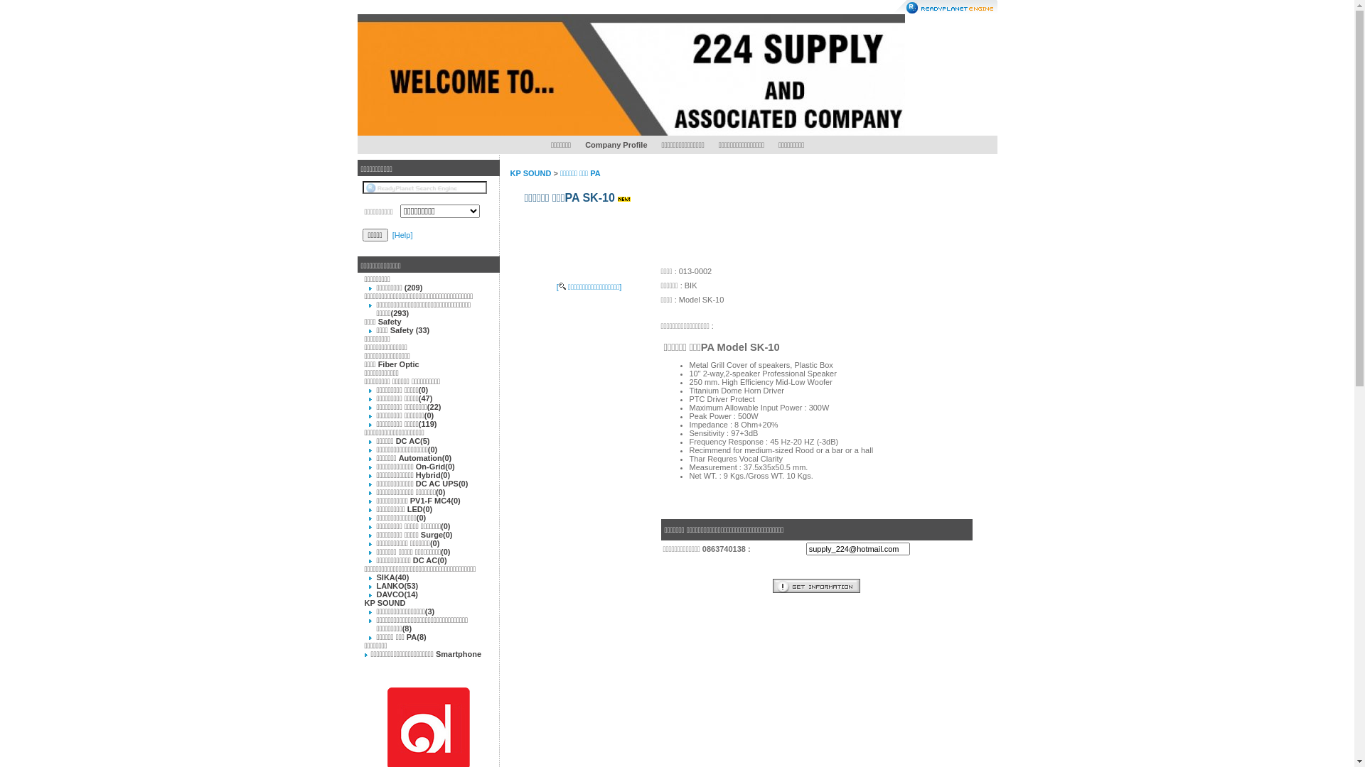 This screenshot has width=1365, height=767. I want to click on 'LANKO(53)', so click(397, 586).